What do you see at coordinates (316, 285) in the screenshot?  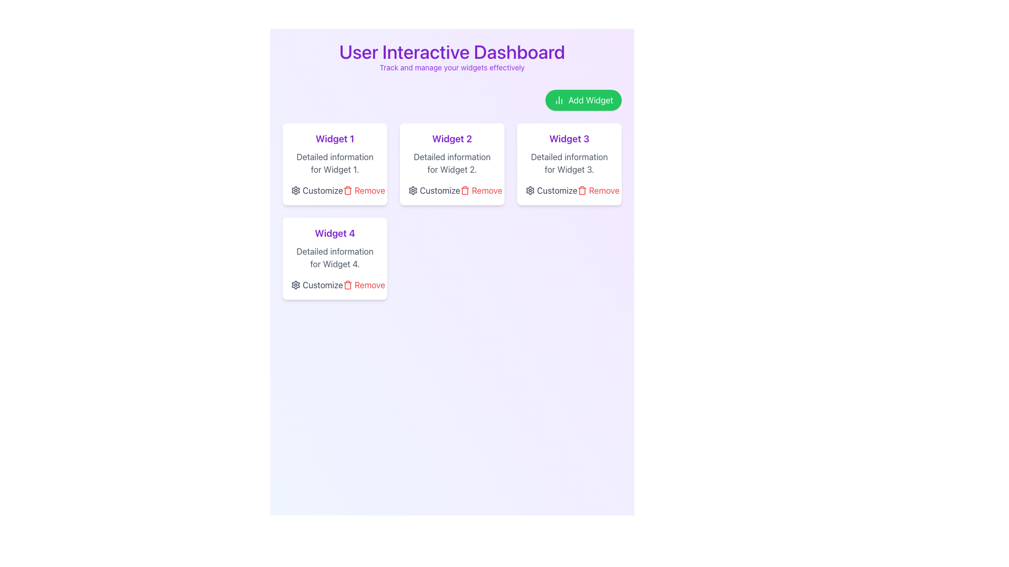 I see `the settings button for 'Widget 4' located in the lower section of its card to observe the hover effects` at bounding box center [316, 285].